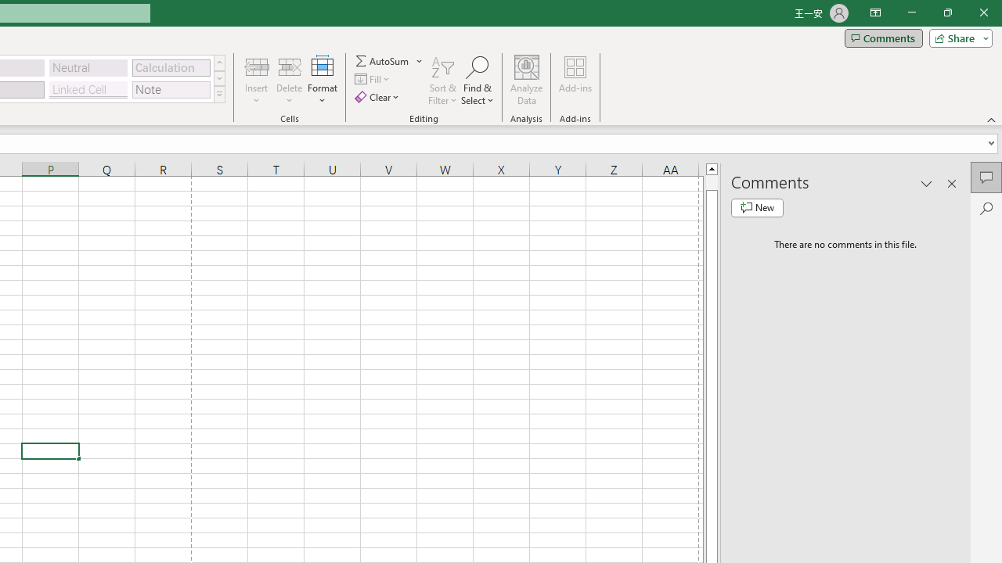 This screenshot has height=563, width=1002. What do you see at coordinates (218, 94) in the screenshot?
I see `'Cell Styles'` at bounding box center [218, 94].